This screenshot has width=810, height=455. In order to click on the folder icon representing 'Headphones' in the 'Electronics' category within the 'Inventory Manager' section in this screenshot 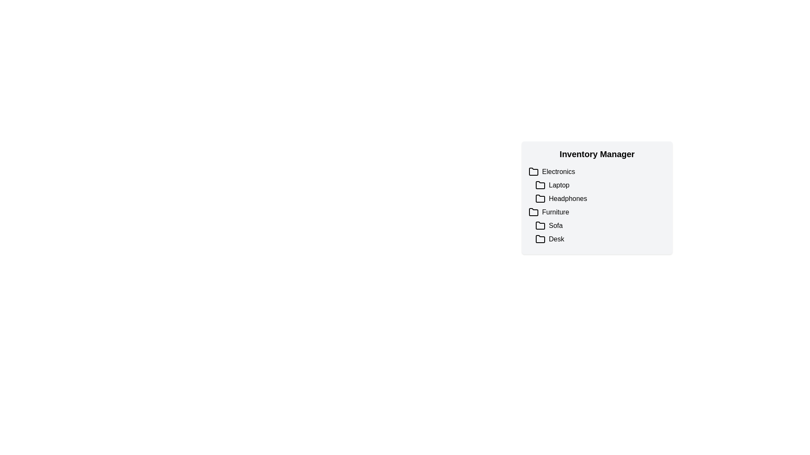, I will do `click(540, 198)`.